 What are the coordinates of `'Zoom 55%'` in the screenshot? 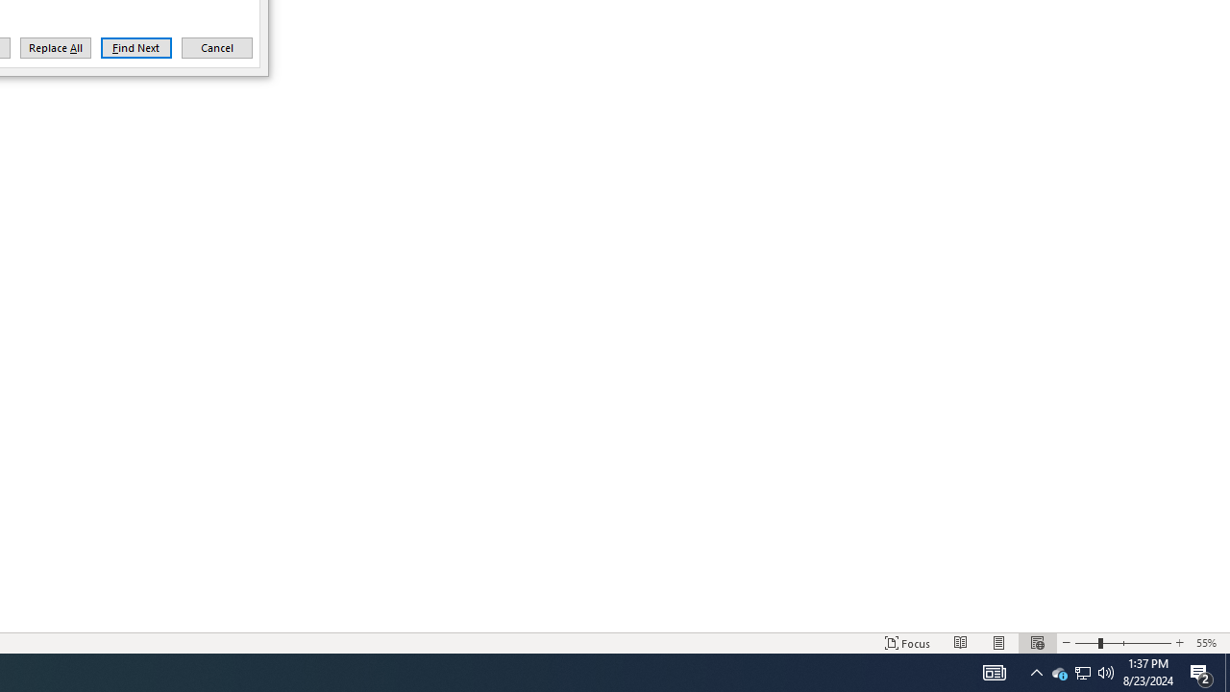 It's located at (1208, 643).